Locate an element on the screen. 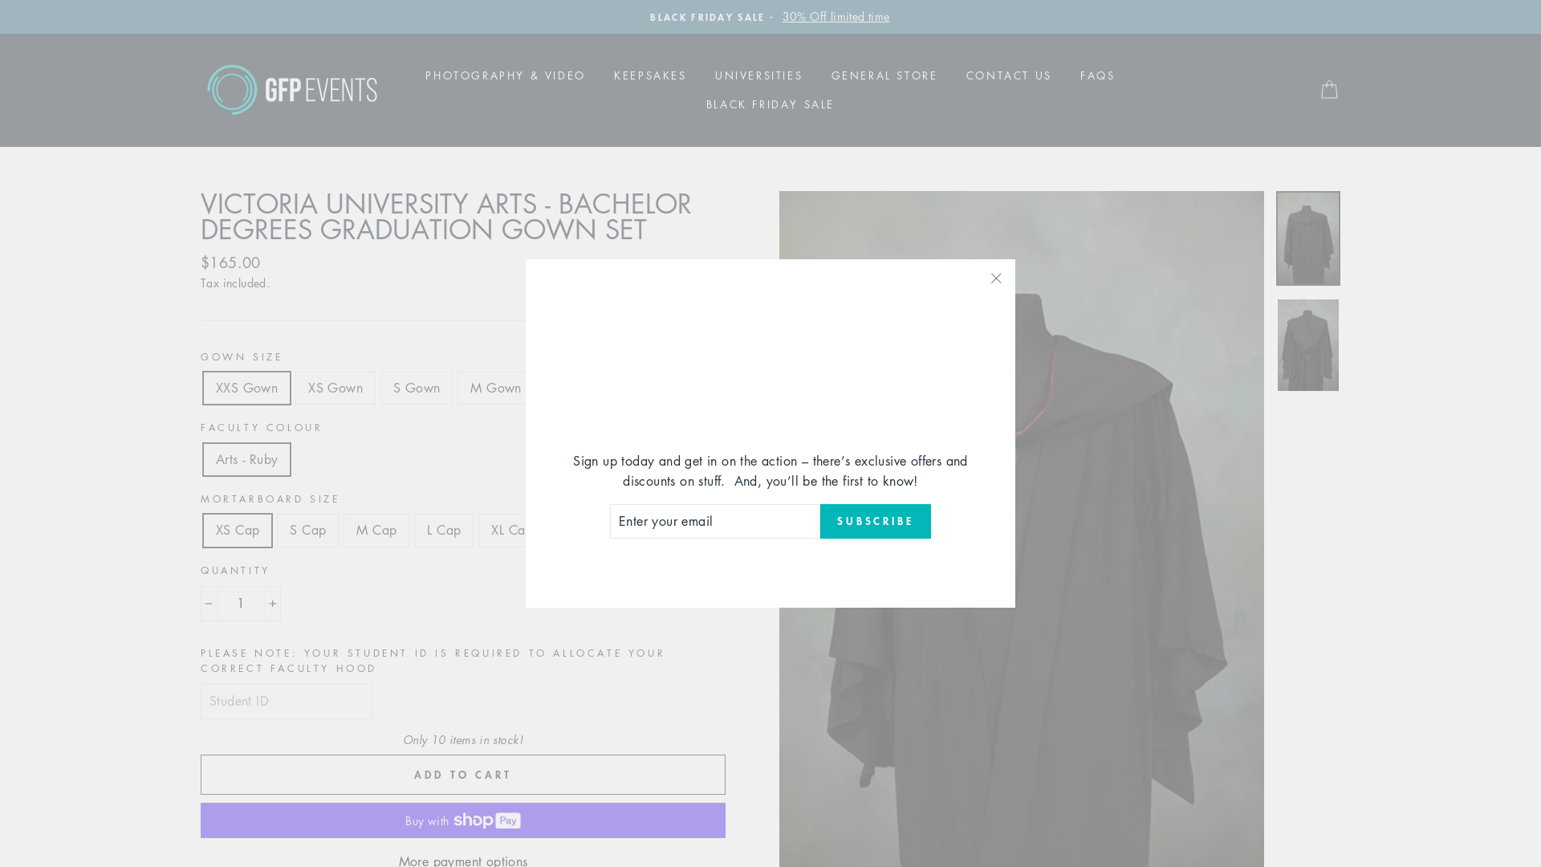 The height and width of the screenshot is (867, 1541). 'Skip to content' is located at coordinates (0, 0).